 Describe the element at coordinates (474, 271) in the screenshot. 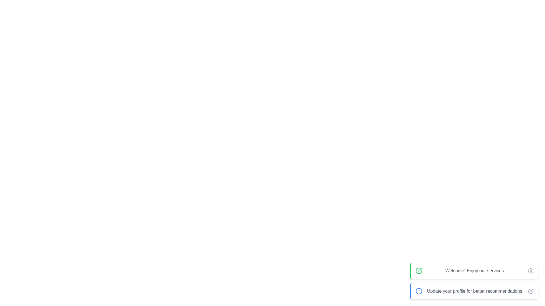

I see `the notification with the message 'Welcome! Enjoy our services.' to observe its hover effect` at that location.